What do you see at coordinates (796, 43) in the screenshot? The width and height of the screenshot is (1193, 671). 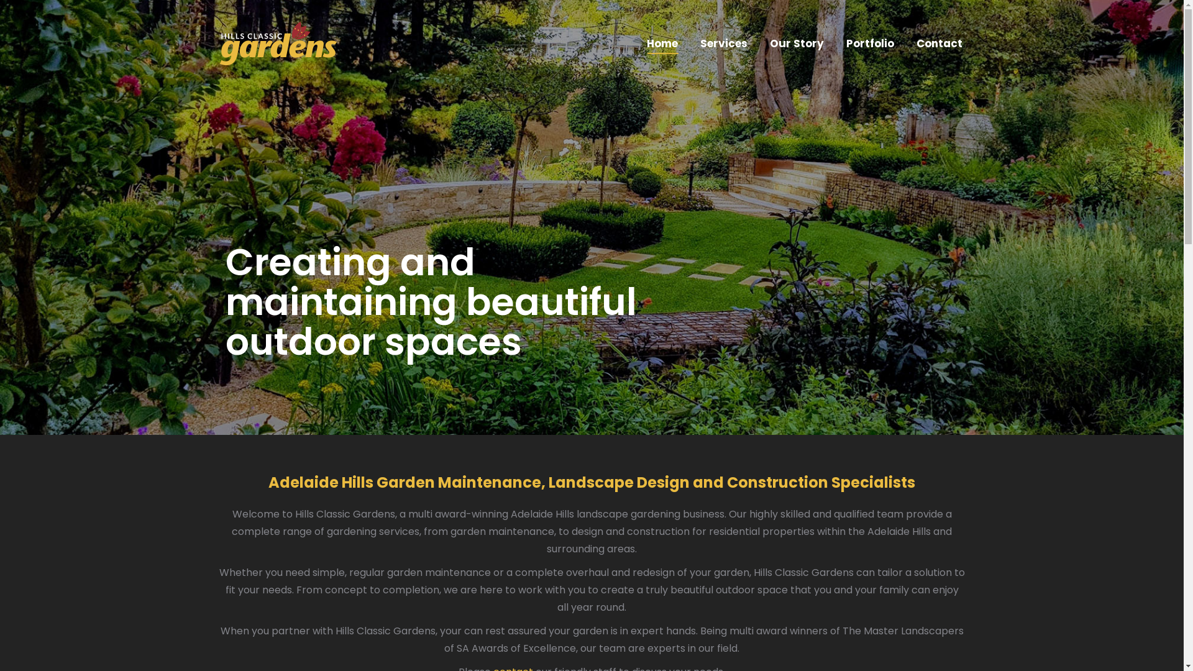 I see `'Our Story'` at bounding box center [796, 43].